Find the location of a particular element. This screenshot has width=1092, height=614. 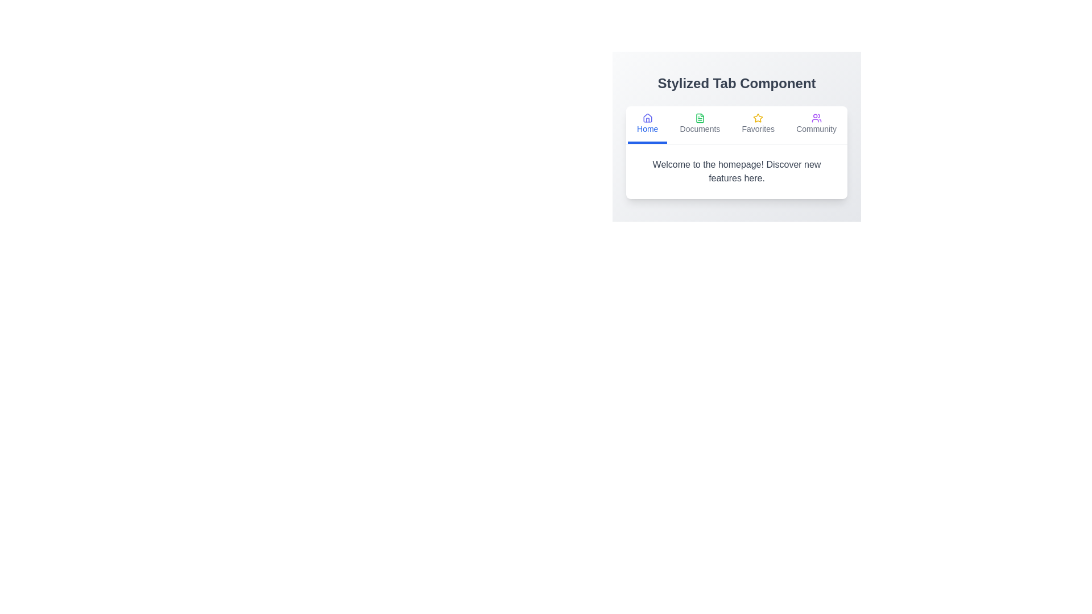

the star icon in the 'Favorites' tab is located at coordinates (758, 118).